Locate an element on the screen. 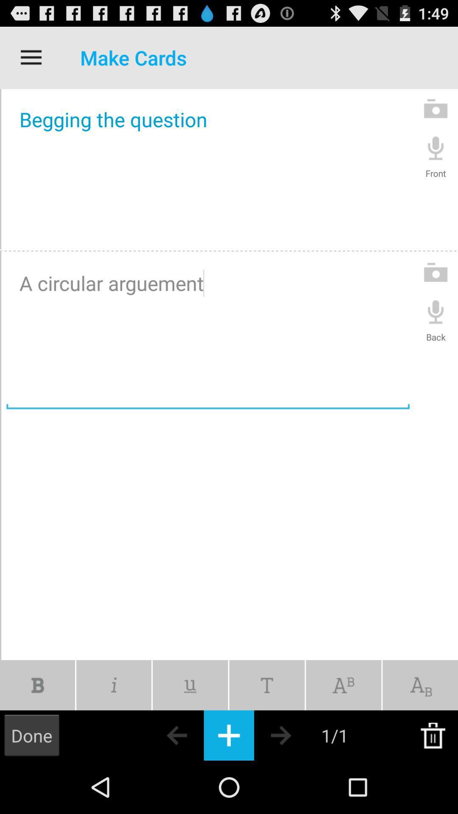  change text element is located at coordinates (420, 685).